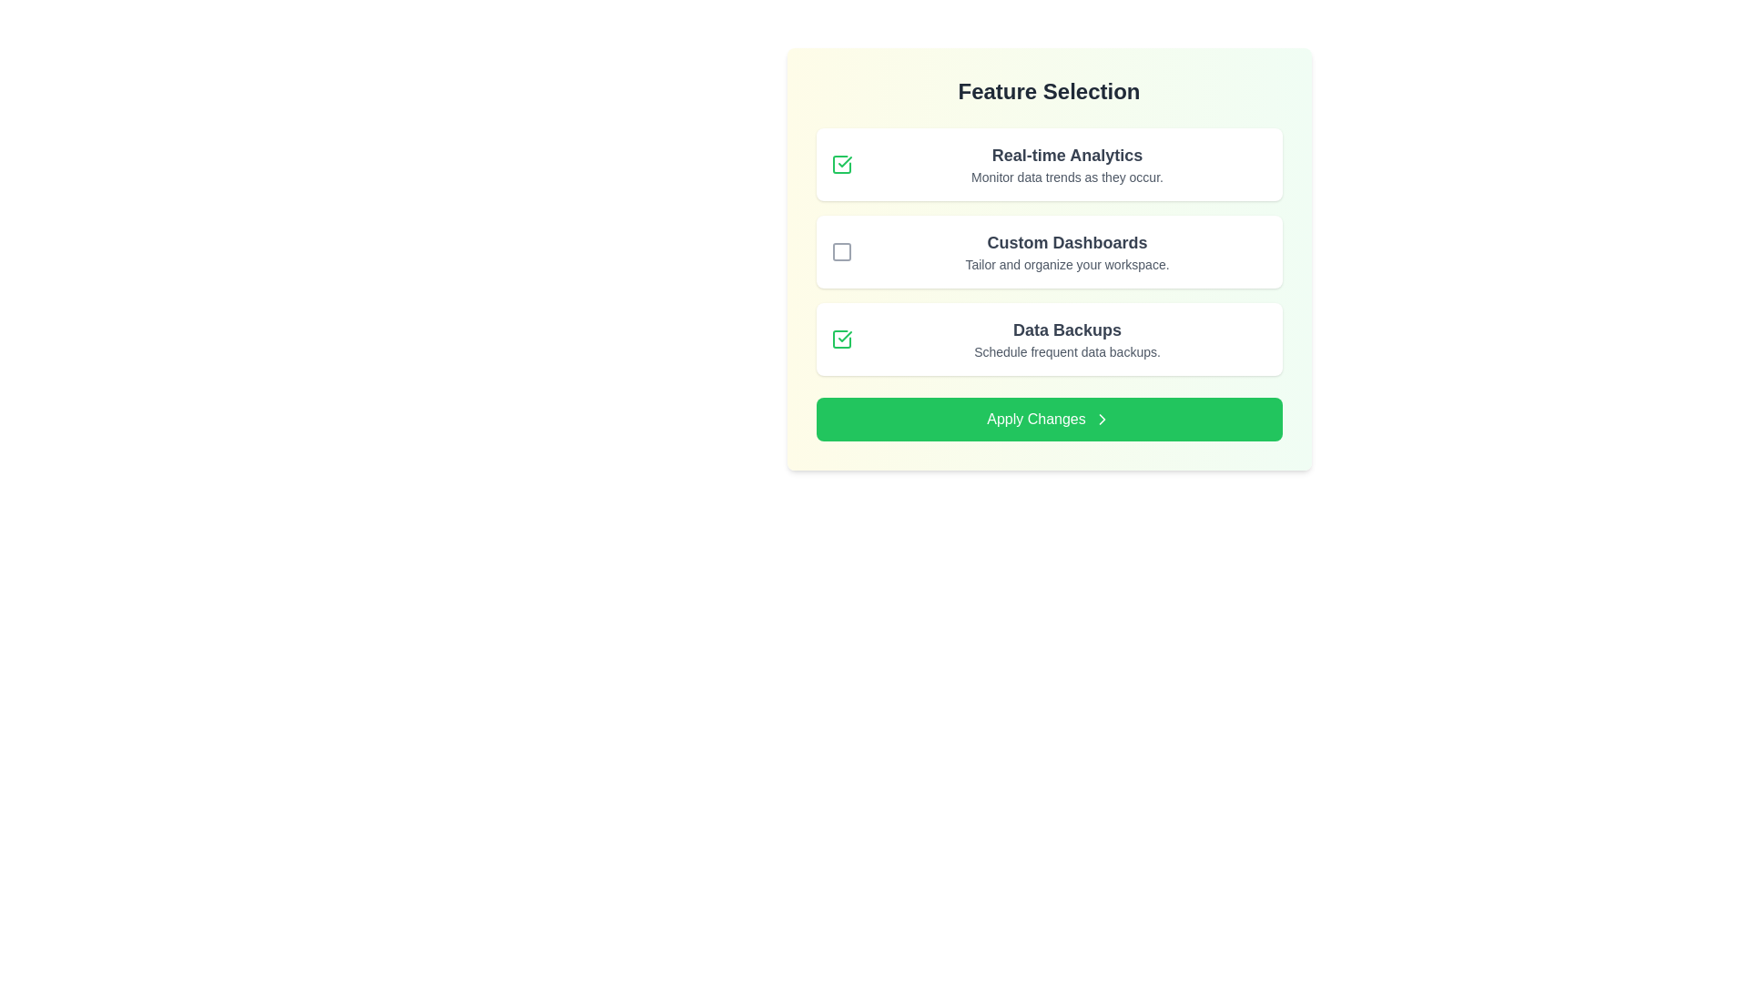  What do you see at coordinates (1049, 252) in the screenshot?
I see `the 'Custom Dashboards' selection option with checkbox` at bounding box center [1049, 252].